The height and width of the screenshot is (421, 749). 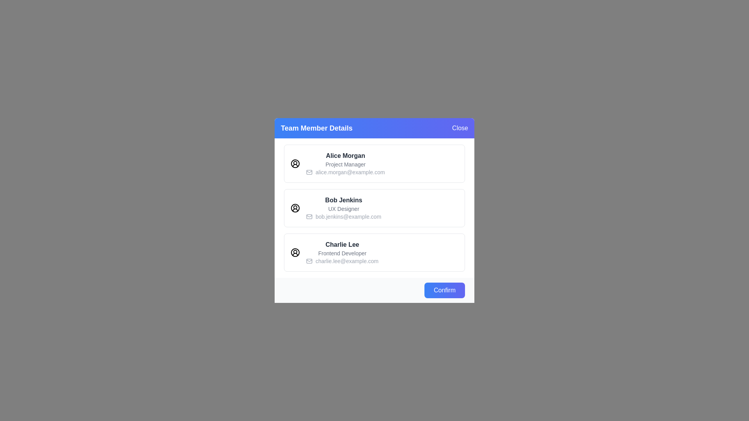 I want to click on the envelope icon component within the second user information card for 'Bob Jenkins', so click(x=309, y=216).